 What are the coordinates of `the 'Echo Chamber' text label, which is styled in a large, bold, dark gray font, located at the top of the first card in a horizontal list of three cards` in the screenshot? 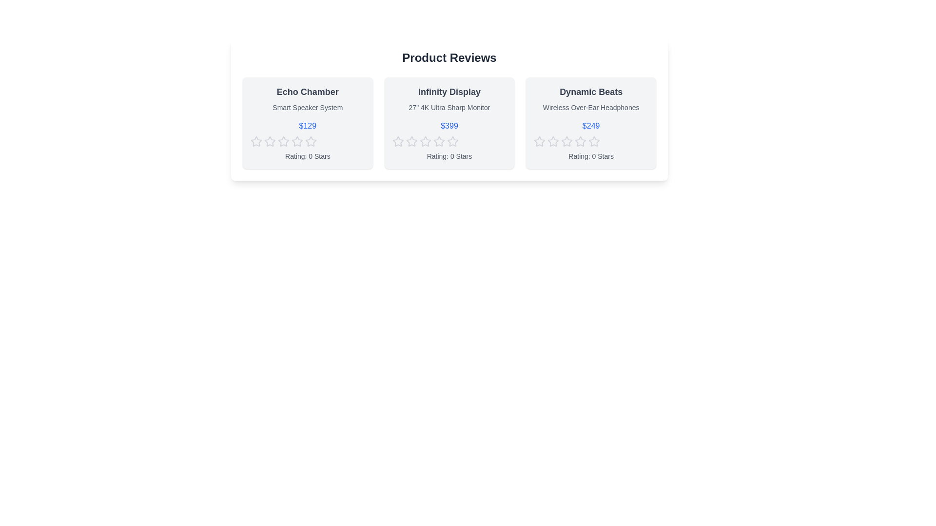 It's located at (307, 92).